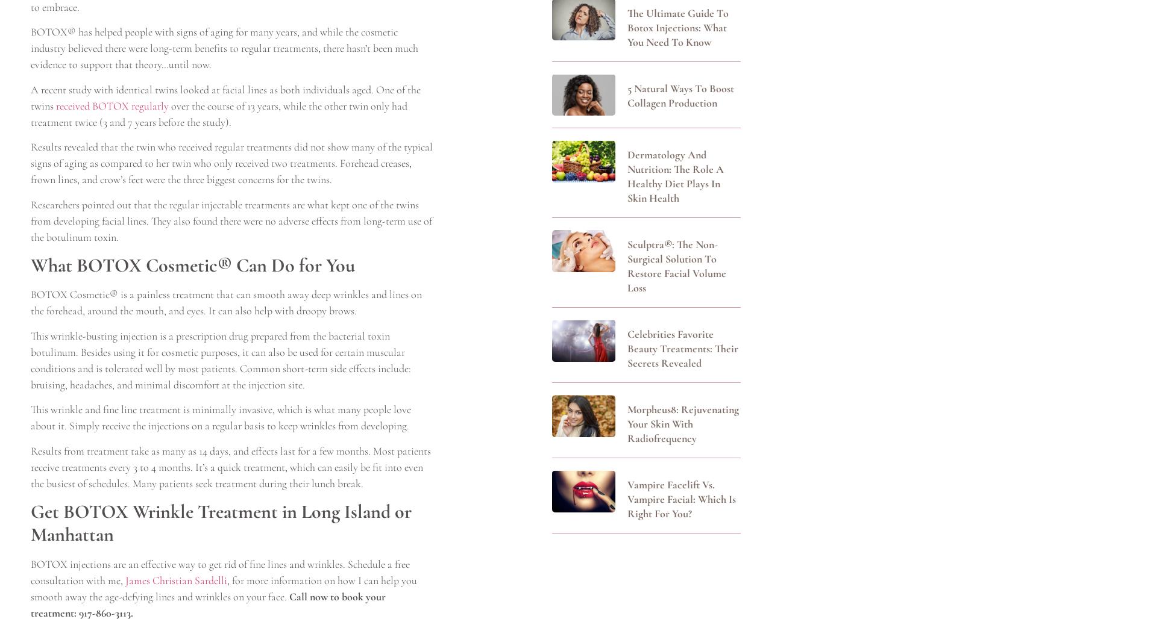 Image resolution: width=1150 pixels, height=619 pixels. What do you see at coordinates (30, 302) in the screenshot?
I see `'BOTOX Cosmetic® is a painless treatment that can smooth away deep wrinkles and lines on the forehead, around the mouth, and eyes. It can also help with droopy brows.'` at bounding box center [30, 302].